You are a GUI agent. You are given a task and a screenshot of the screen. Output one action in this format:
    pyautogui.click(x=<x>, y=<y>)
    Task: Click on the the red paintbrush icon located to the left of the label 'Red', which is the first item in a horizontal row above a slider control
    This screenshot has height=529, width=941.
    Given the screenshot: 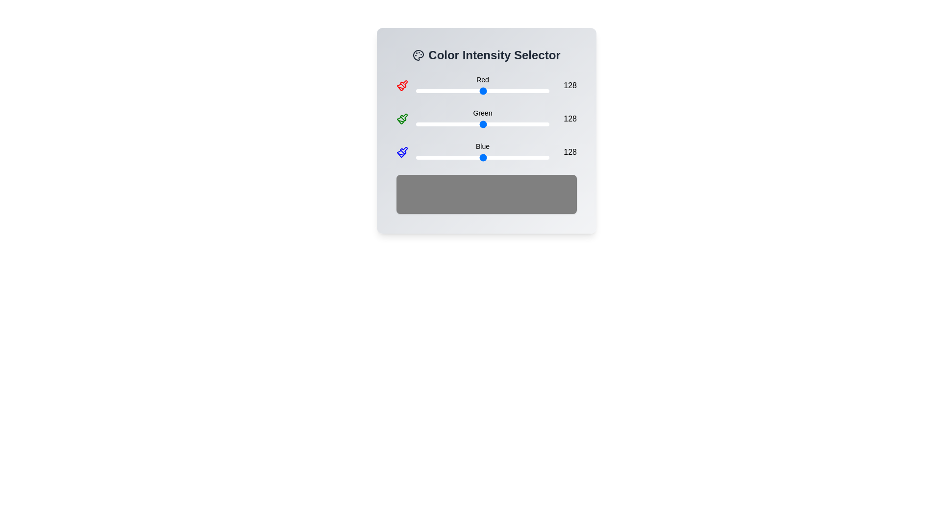 What is the action you would take?
    pyautogui.click(x=402, y=85)
    